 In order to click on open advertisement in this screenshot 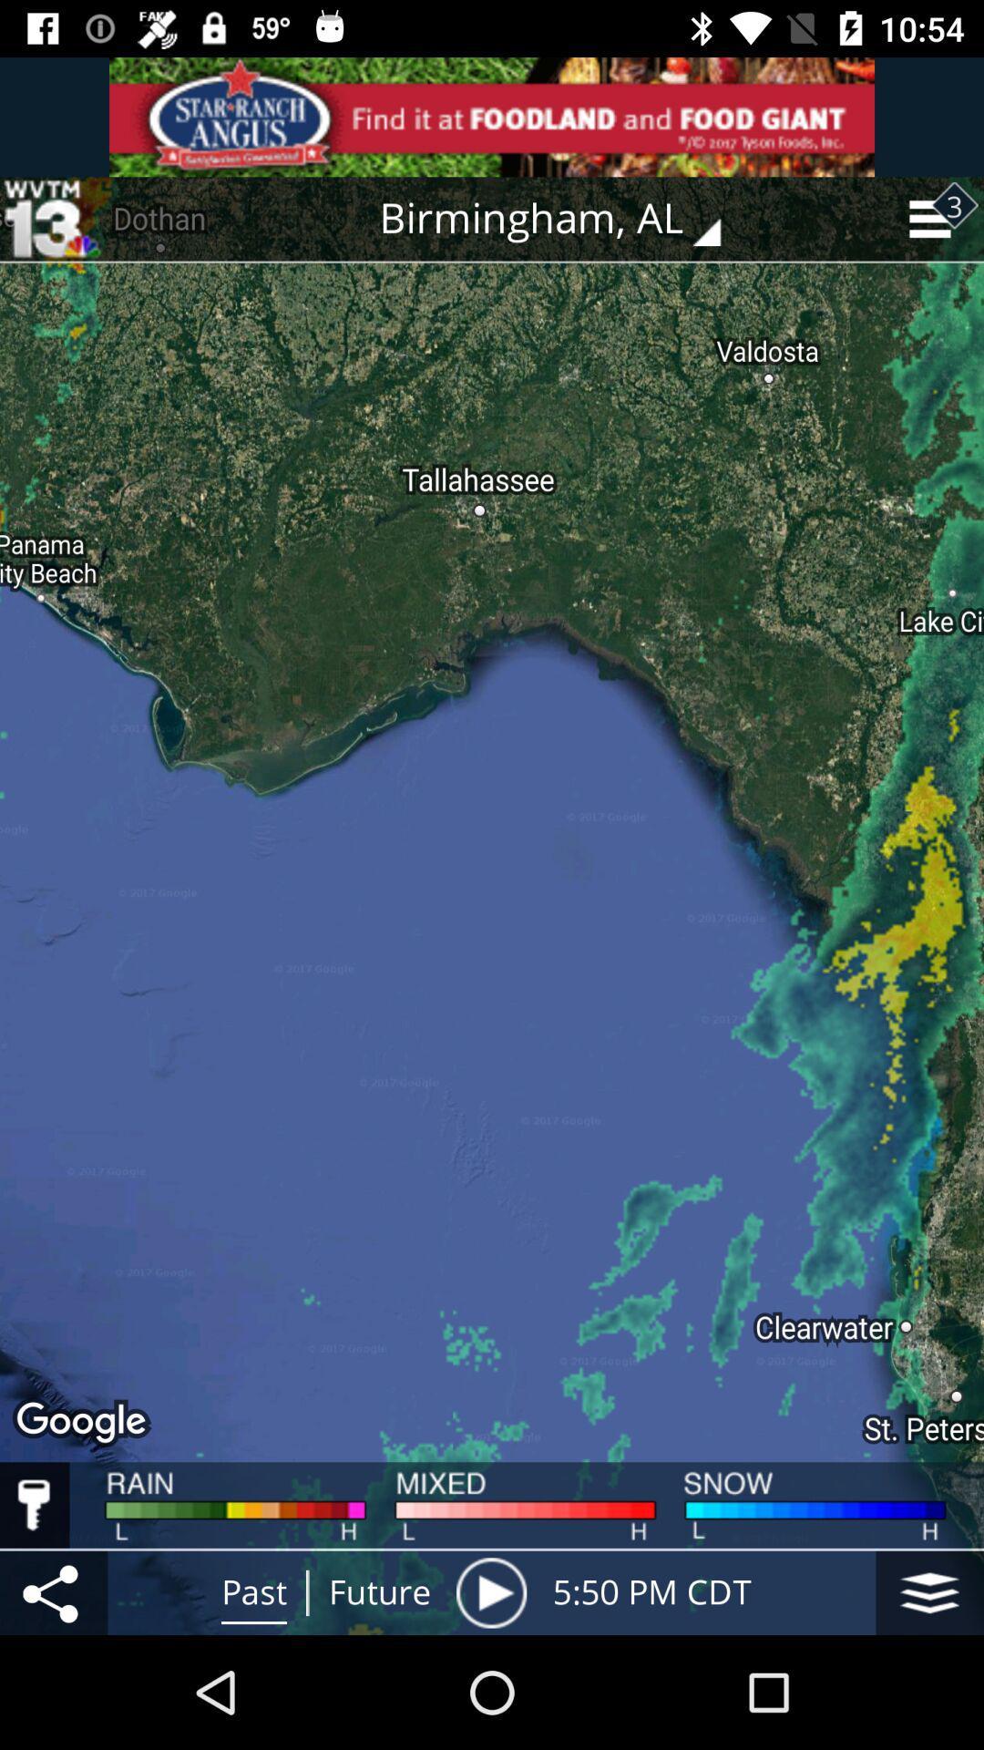, I will do `click(492, 116)`.